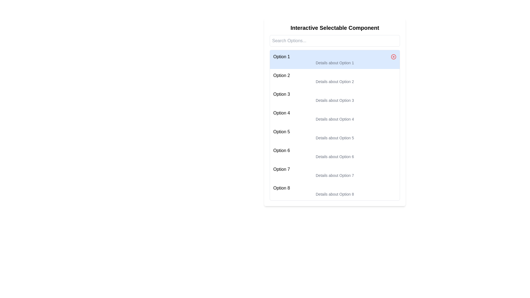  What do you see at coordinates (335, 100) in the screenshot?
I see `supplementary text label located directly below 'Option 3' in the interactive selectable component, which enhances user understanding of that option` at bounding box center [335, 100].